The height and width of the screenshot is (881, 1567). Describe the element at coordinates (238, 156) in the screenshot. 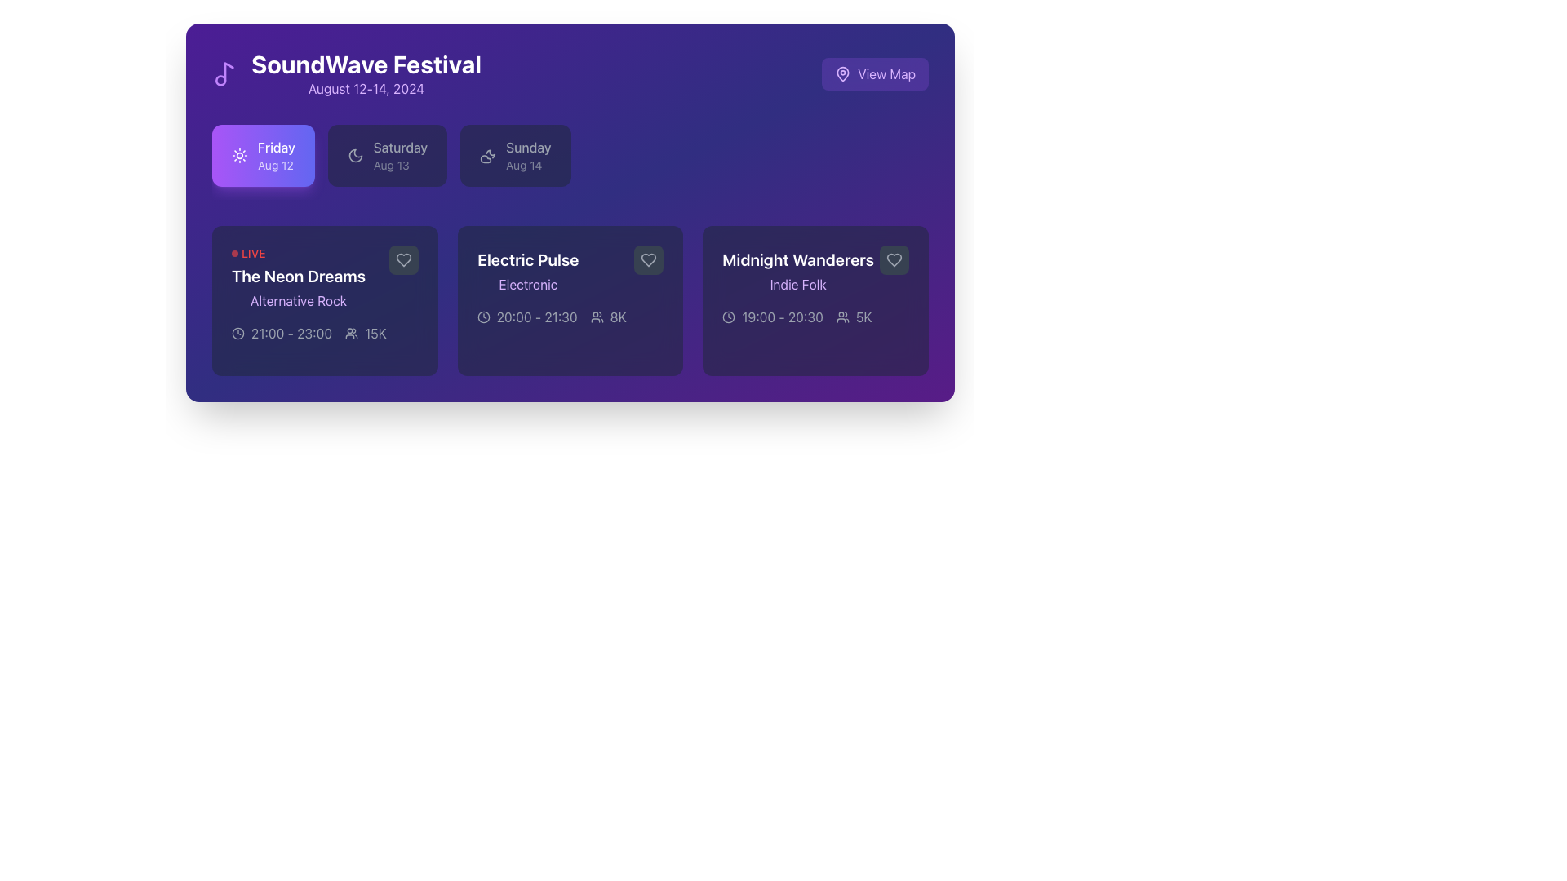

I see `the sunlight icon representing the date 'Friday Aug 12', which is located at the center of the corresponding button in the top-left quadrant of the interface` at that location.